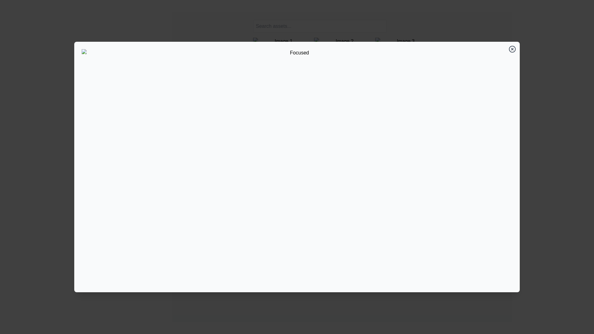 The image size is (594, 334). What do you see at coordinates (512, 49) in the screenshot?
I see `the close button located at the top-right corner of the dialog box` at bounding box center [512, 49].